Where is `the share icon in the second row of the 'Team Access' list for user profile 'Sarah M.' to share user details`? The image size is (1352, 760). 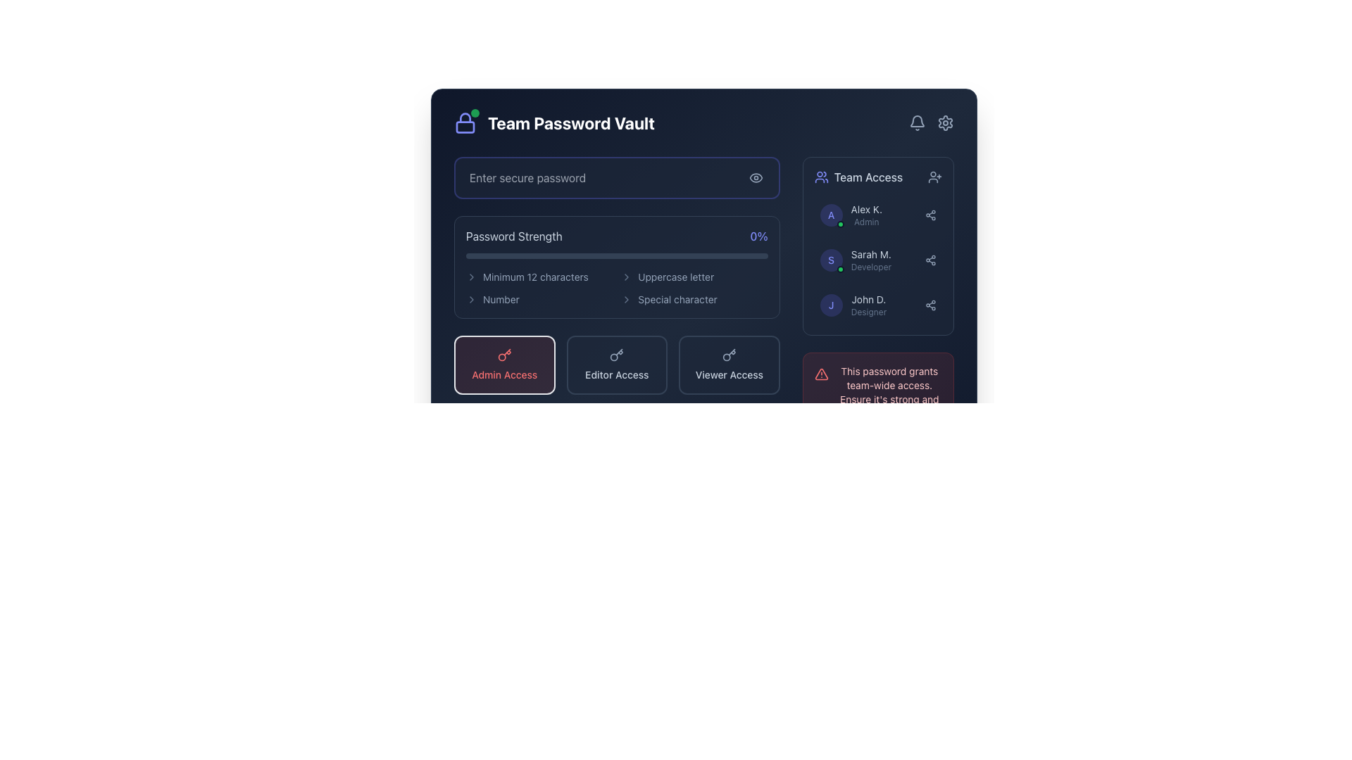
the share icon in the second row of the 'Team Access' list for user profile 'Sarah M.' to share user details is located at coordinates (877, 260).